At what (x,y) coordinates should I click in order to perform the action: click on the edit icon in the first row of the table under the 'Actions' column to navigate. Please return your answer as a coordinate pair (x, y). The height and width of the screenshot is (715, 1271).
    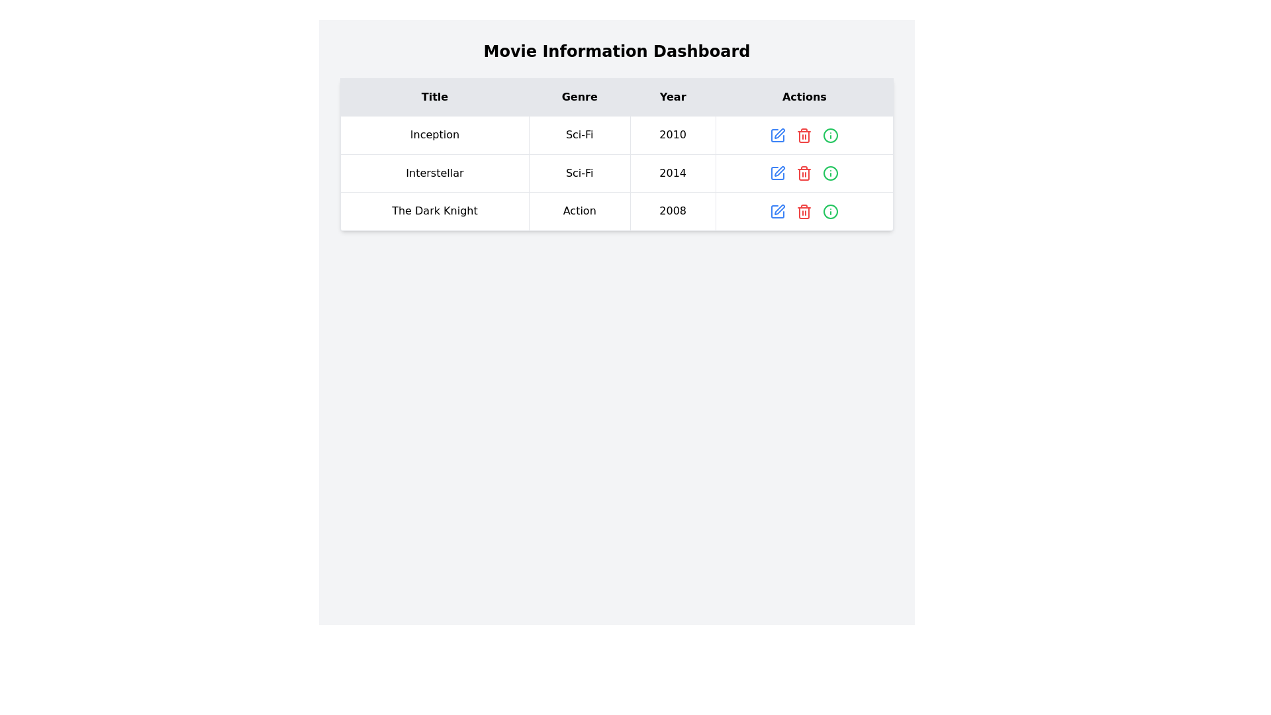
    Looking at the image, I should click on (778, 135).